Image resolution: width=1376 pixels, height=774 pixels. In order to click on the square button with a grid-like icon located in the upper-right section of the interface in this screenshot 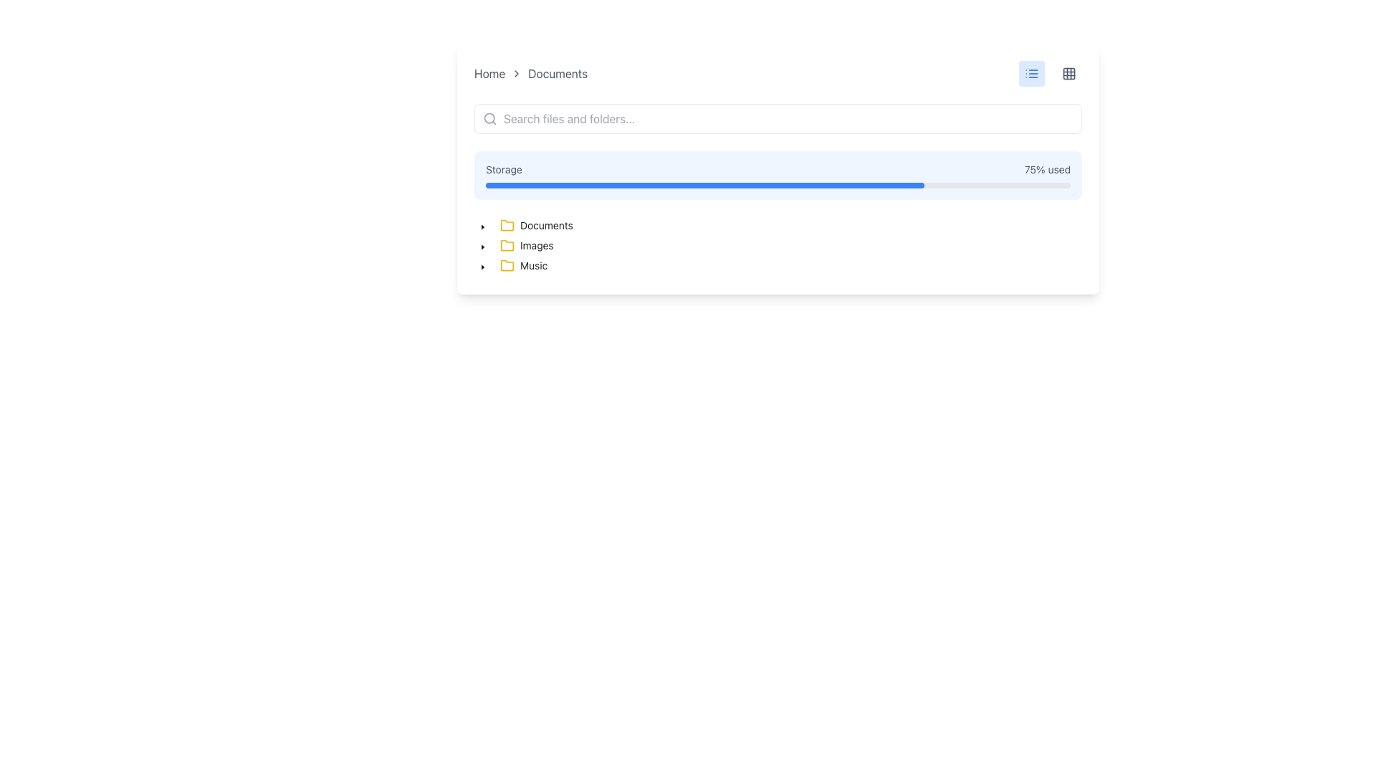, I will do `click(1069, 74)`.